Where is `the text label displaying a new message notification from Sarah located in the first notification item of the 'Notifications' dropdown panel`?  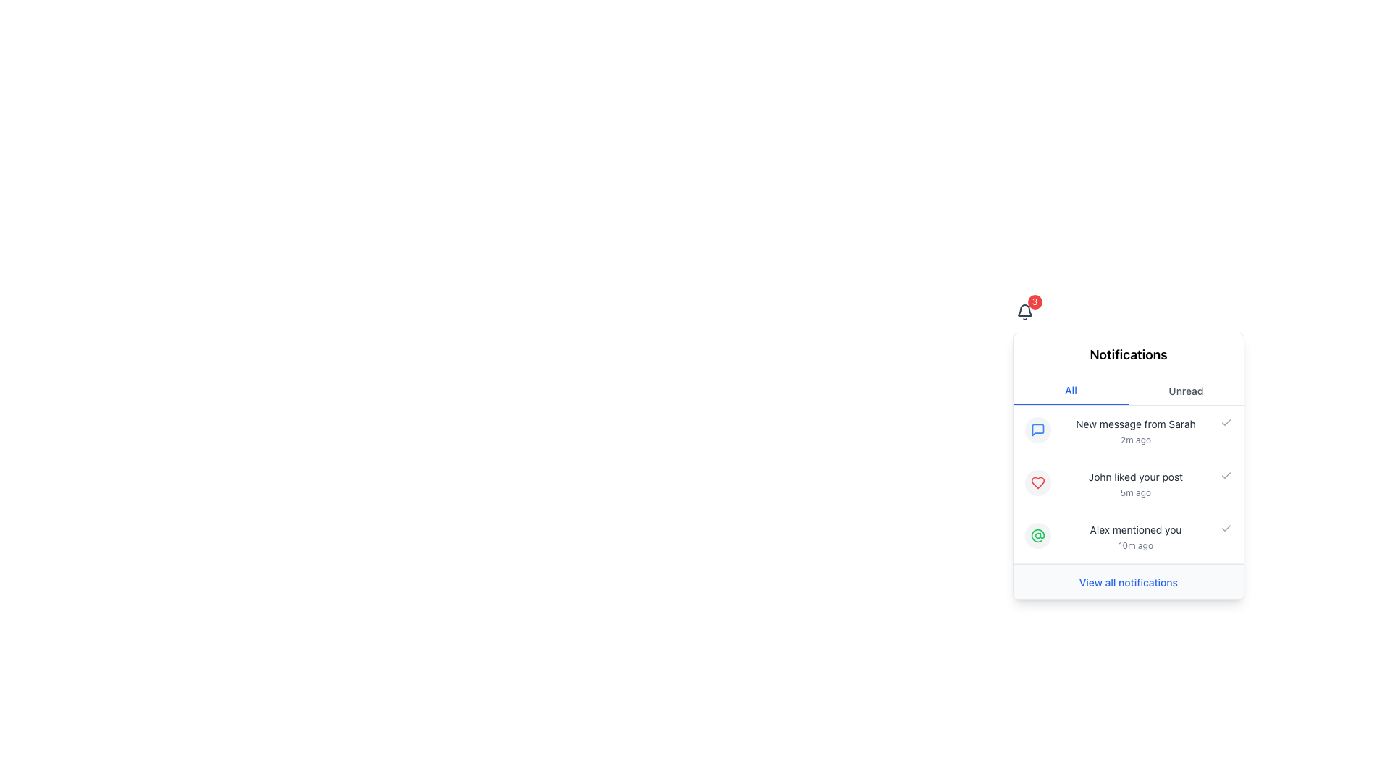 the text label displaying a new message notification from Sarah located in the first notification item of the 'Notifications' dropdown panel is located at coordinates (1135, 423).